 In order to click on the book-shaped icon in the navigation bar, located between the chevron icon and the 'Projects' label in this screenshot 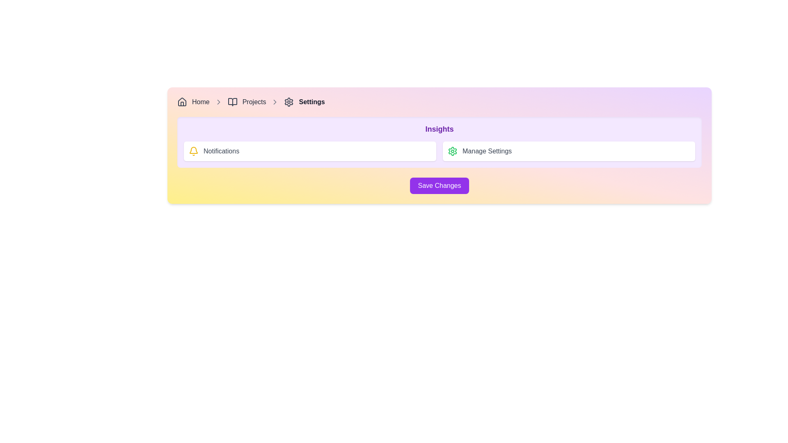, I will do `click(232, 102)`.